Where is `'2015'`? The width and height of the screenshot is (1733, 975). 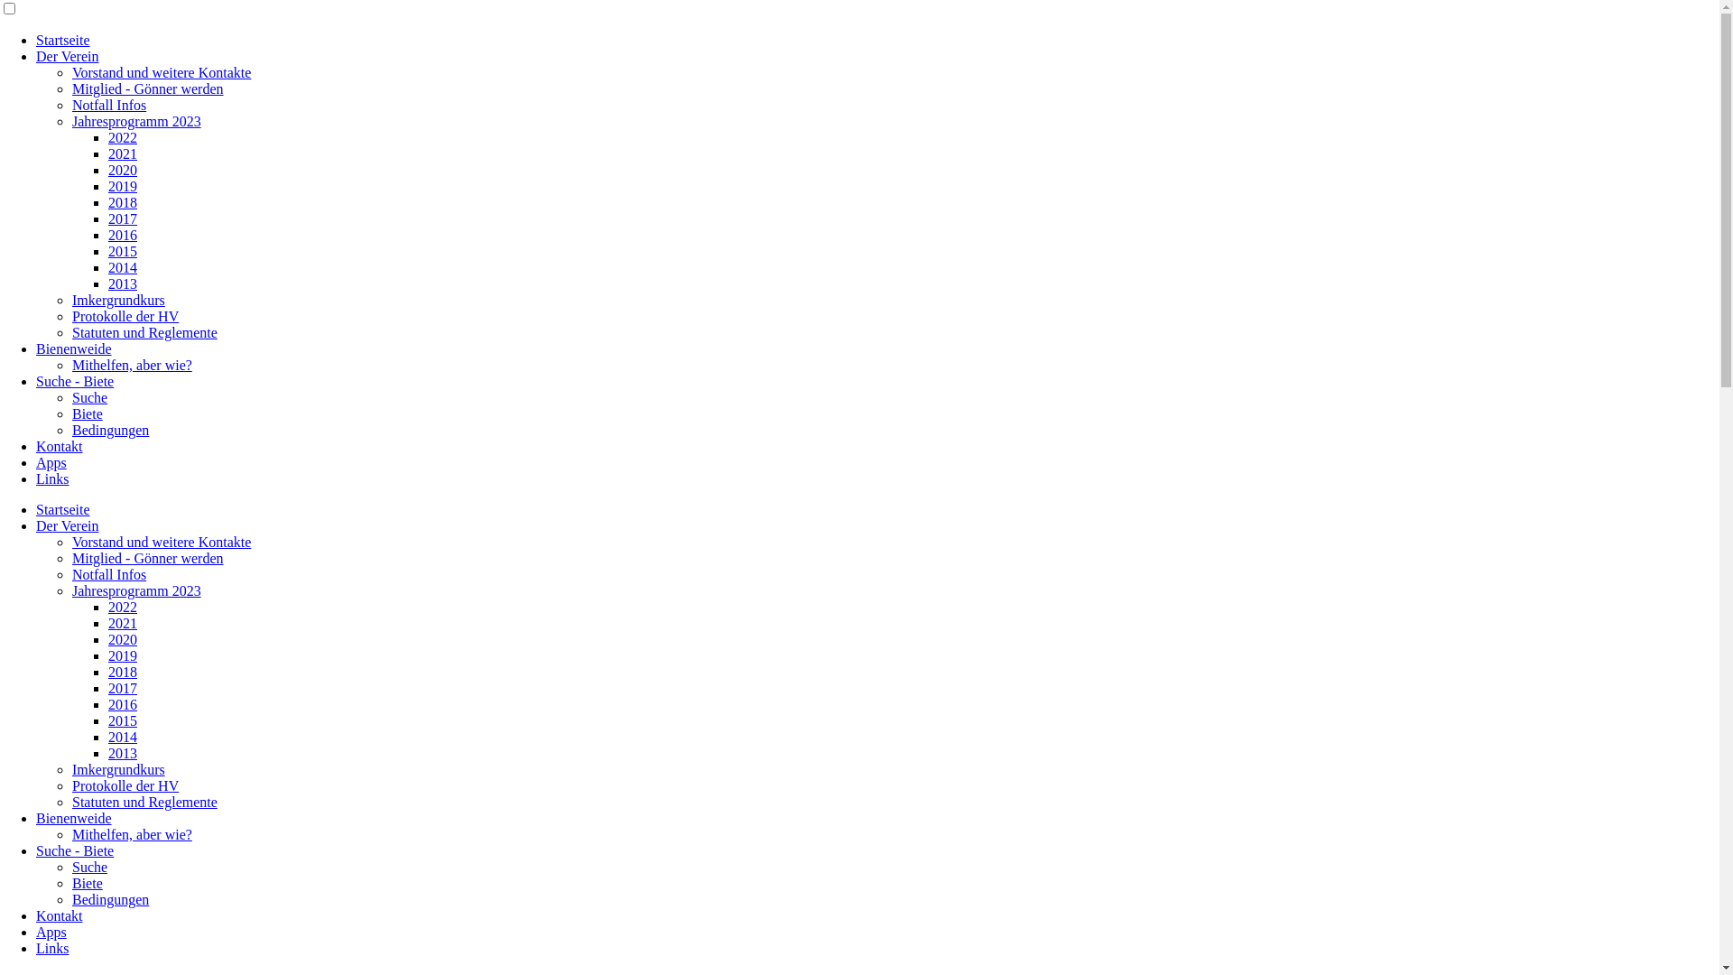
'2015' is located at coordinates (121, 720).